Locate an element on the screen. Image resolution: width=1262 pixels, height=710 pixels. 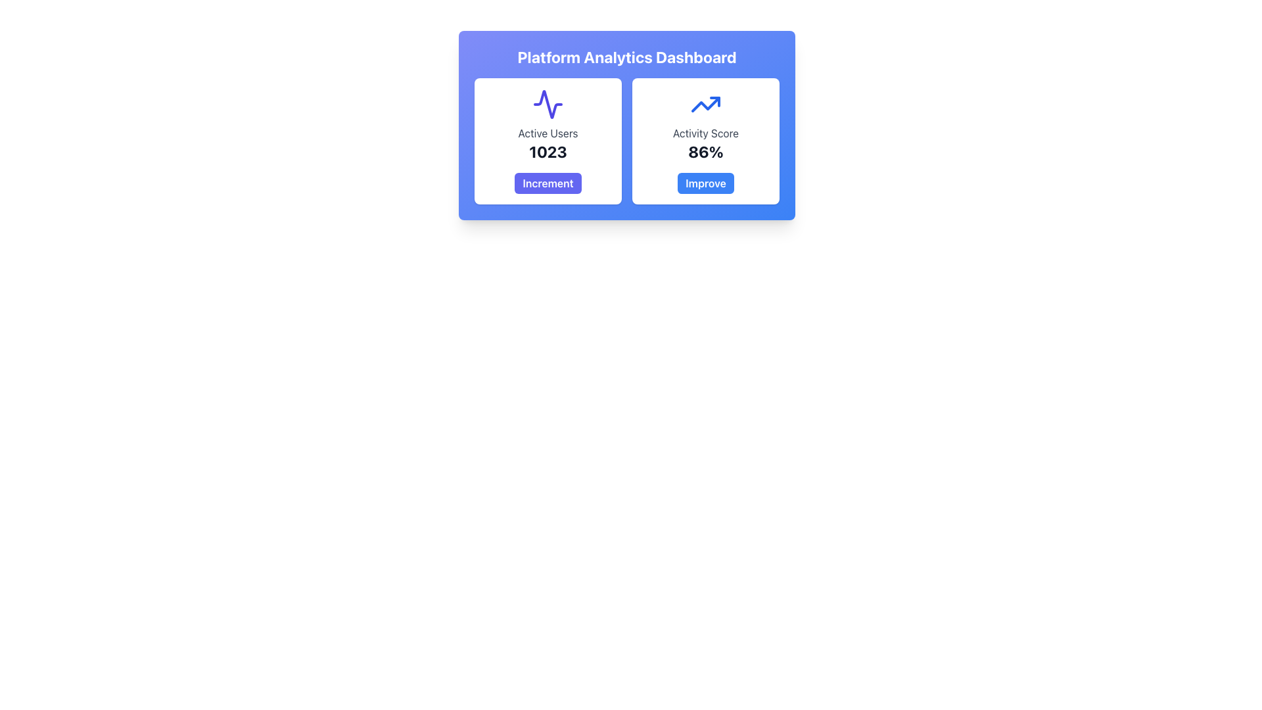
the Text Display element that shows the current activity score, which is positioned within the 'Activity Score' card, below the 'Activity Score' label and above the blue 'Improve' button is located at coordinates (705, 151).